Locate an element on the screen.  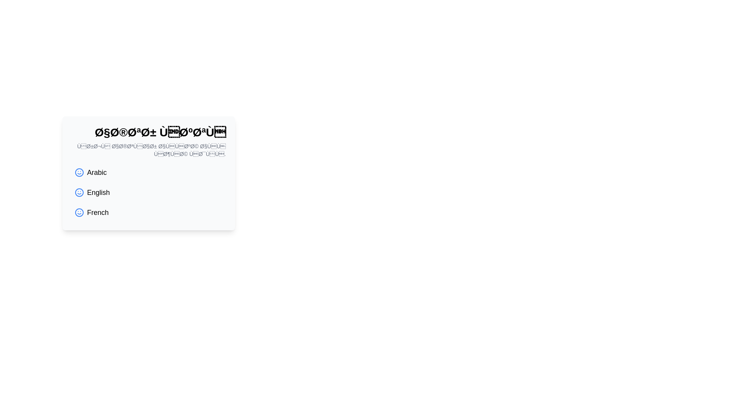
the blue circular smiley face icon located to the left of the 'English' language option in the list is located at coordinates (79, 192).